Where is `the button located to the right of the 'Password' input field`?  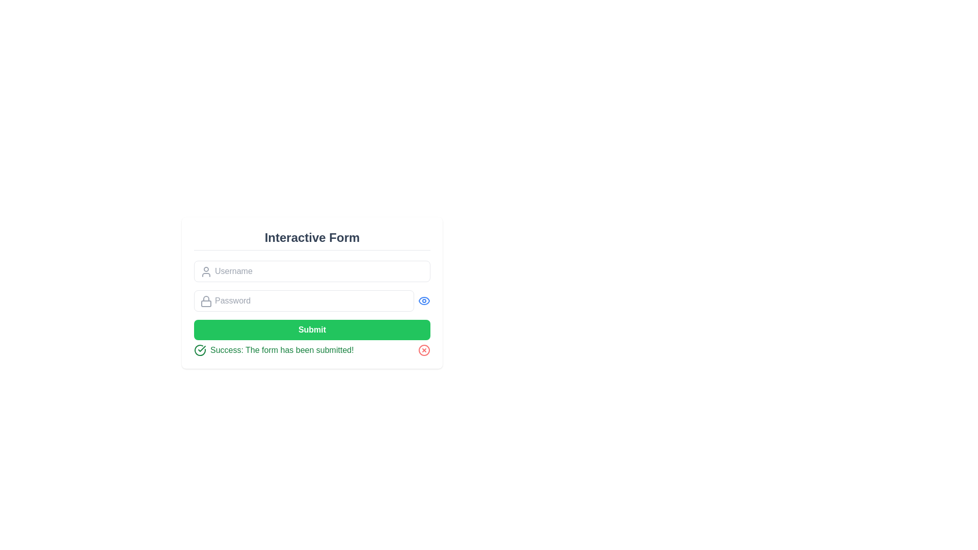 the button located to the right of the 'Password' input field is located at coordinates (424, 300).